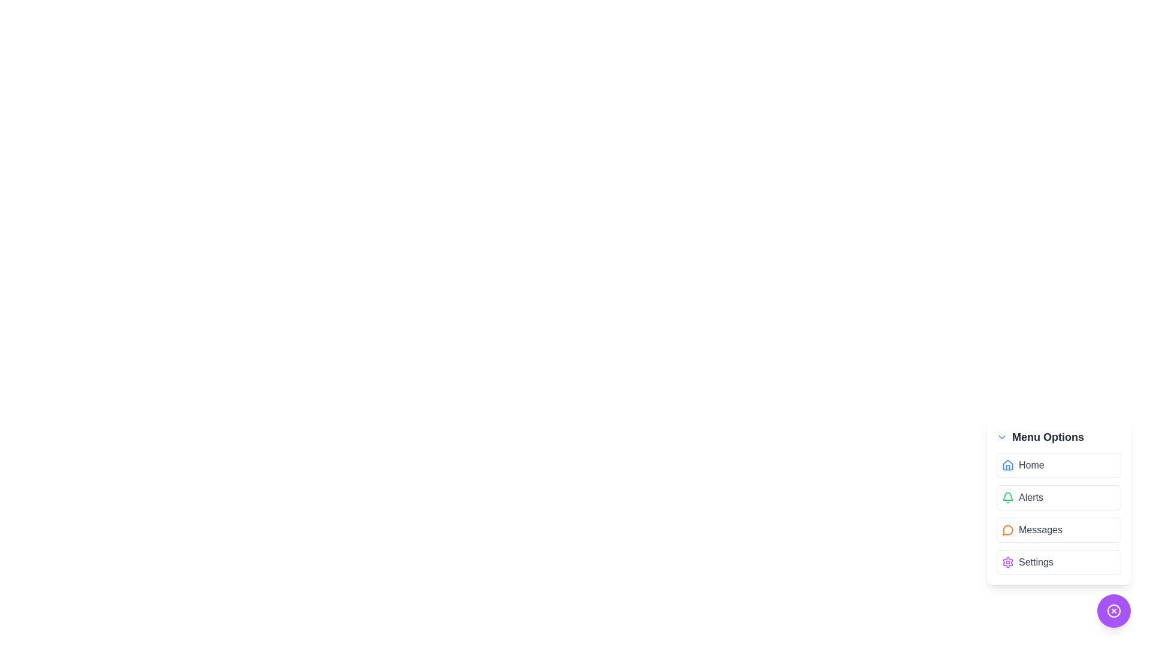 Image resolution: width=1150 pixels, height=647 pixels. Describe the element at coordinates (1048, 437) in the screenshot. I see `the 'Menu Options' text label which is prominently displayed in bold typography at the top-right area of the dropdown component, indicating navigation options` at that location.